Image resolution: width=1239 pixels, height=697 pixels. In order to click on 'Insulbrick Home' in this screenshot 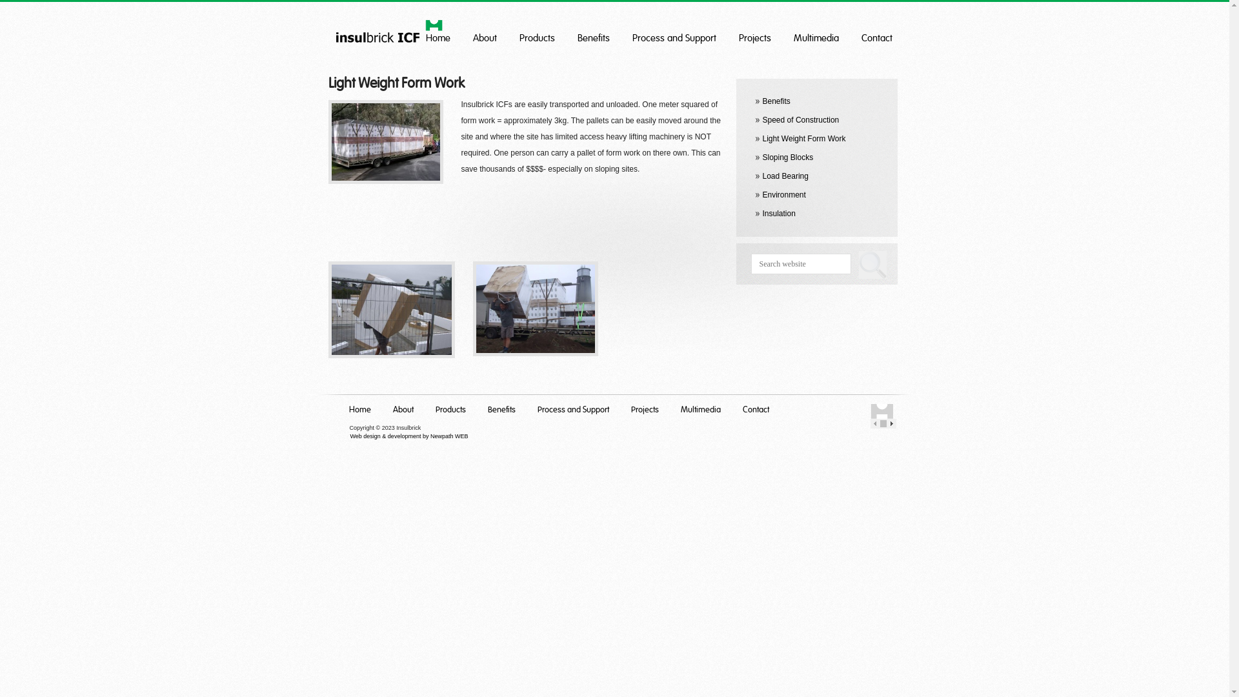, I will do `click(870, 411)`.